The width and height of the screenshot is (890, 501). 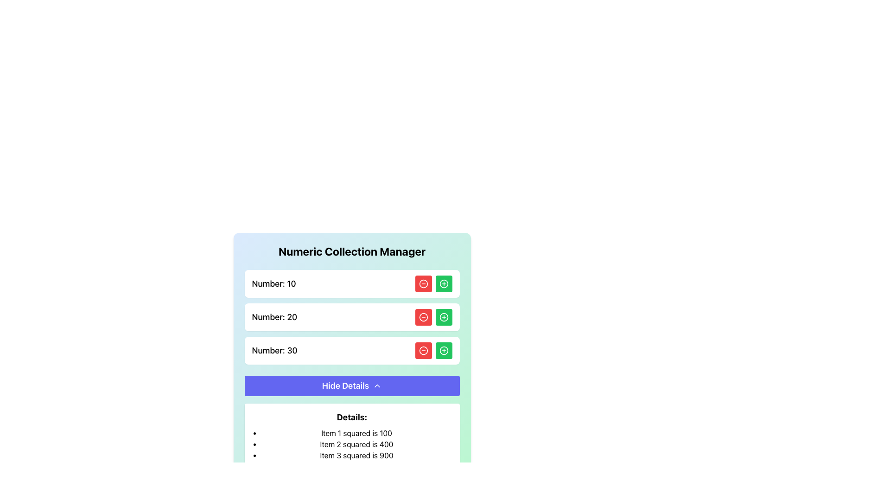 I want to click on the circular green button with a white plus icon located in the middle row corresponding to 'Number: 20', so click(x=443, y=316).